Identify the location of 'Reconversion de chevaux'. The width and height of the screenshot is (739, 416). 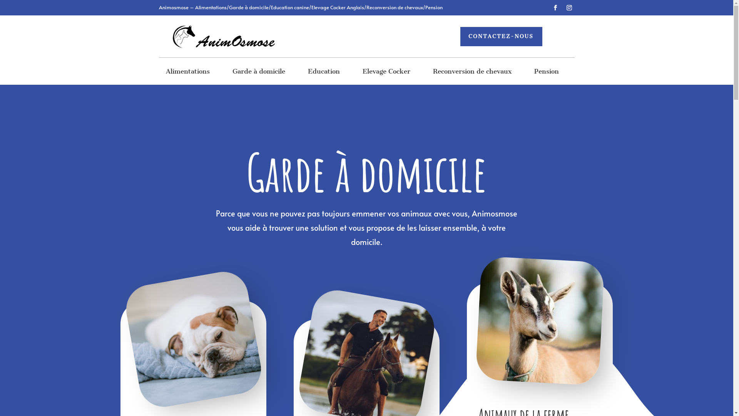
(472, 73).